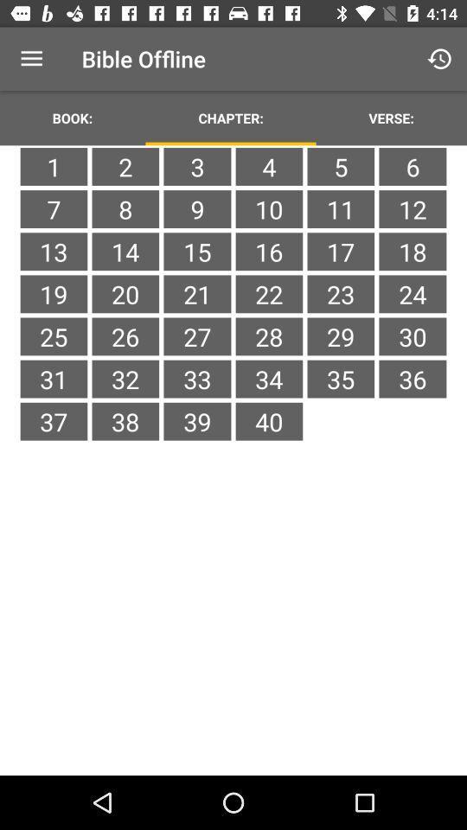 This screenshot has height=830, width=467. I want to click on 16 item, so click(269, 251).